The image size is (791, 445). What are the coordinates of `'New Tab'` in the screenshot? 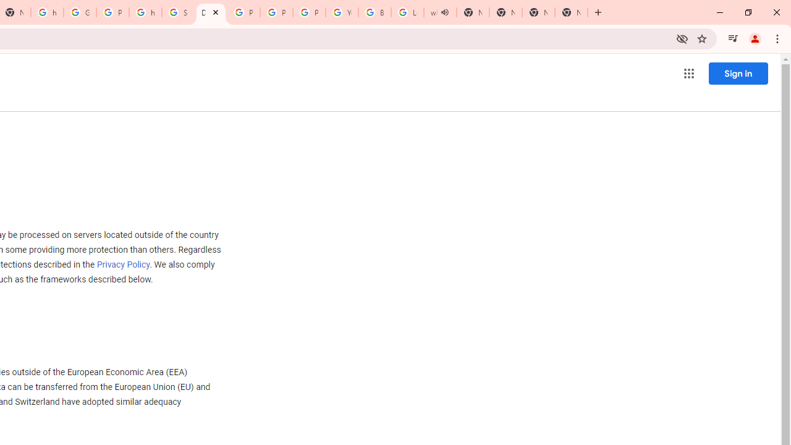 It's located at (538, 12).